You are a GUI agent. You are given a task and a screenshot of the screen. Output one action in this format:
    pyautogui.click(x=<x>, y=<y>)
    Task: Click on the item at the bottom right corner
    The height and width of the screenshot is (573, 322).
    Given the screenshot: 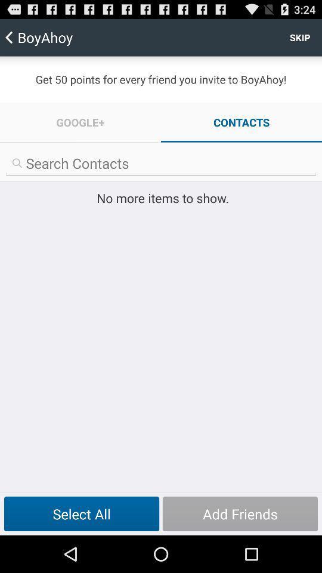 What is the action you would take?
    pyautogui.click(x=240, y=513)
    